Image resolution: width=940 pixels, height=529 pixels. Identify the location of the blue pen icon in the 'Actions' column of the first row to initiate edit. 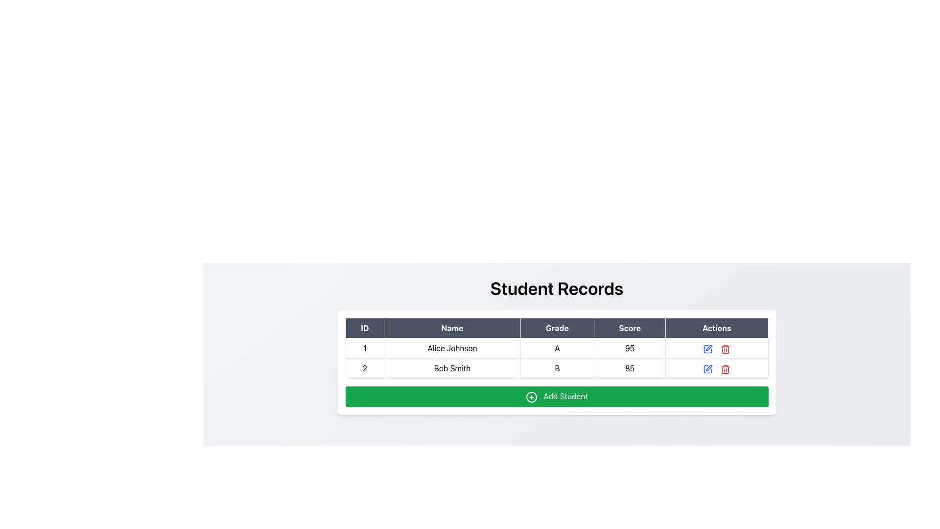
(707, 347).